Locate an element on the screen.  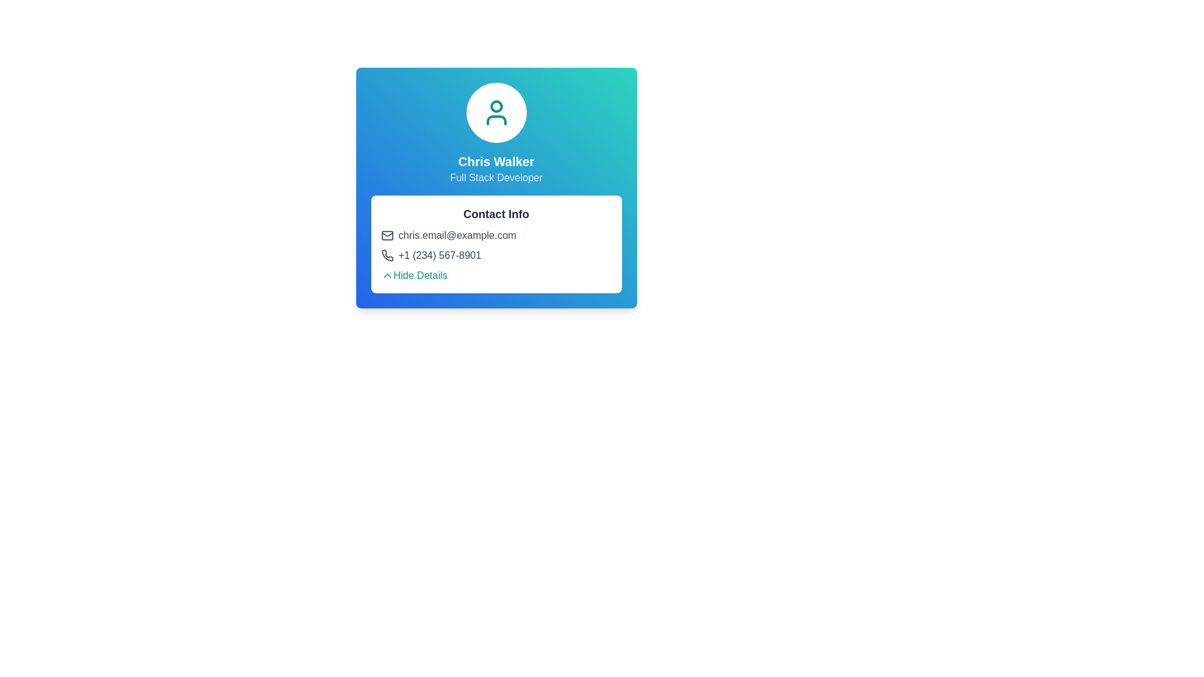
the static text element that displays the occupation title, located directly below the name 'Chris Walker' in the profile information area is located at coordinates (495, 178).